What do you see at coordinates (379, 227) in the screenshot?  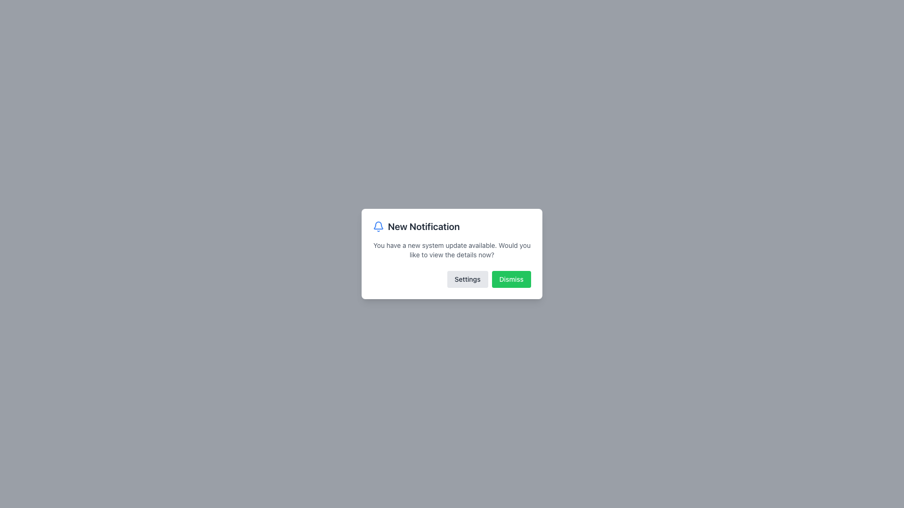 I see `the notification icon located on the left side of the header in the modal window, which indicates alerts to the user` at bounding box center [379, 227].